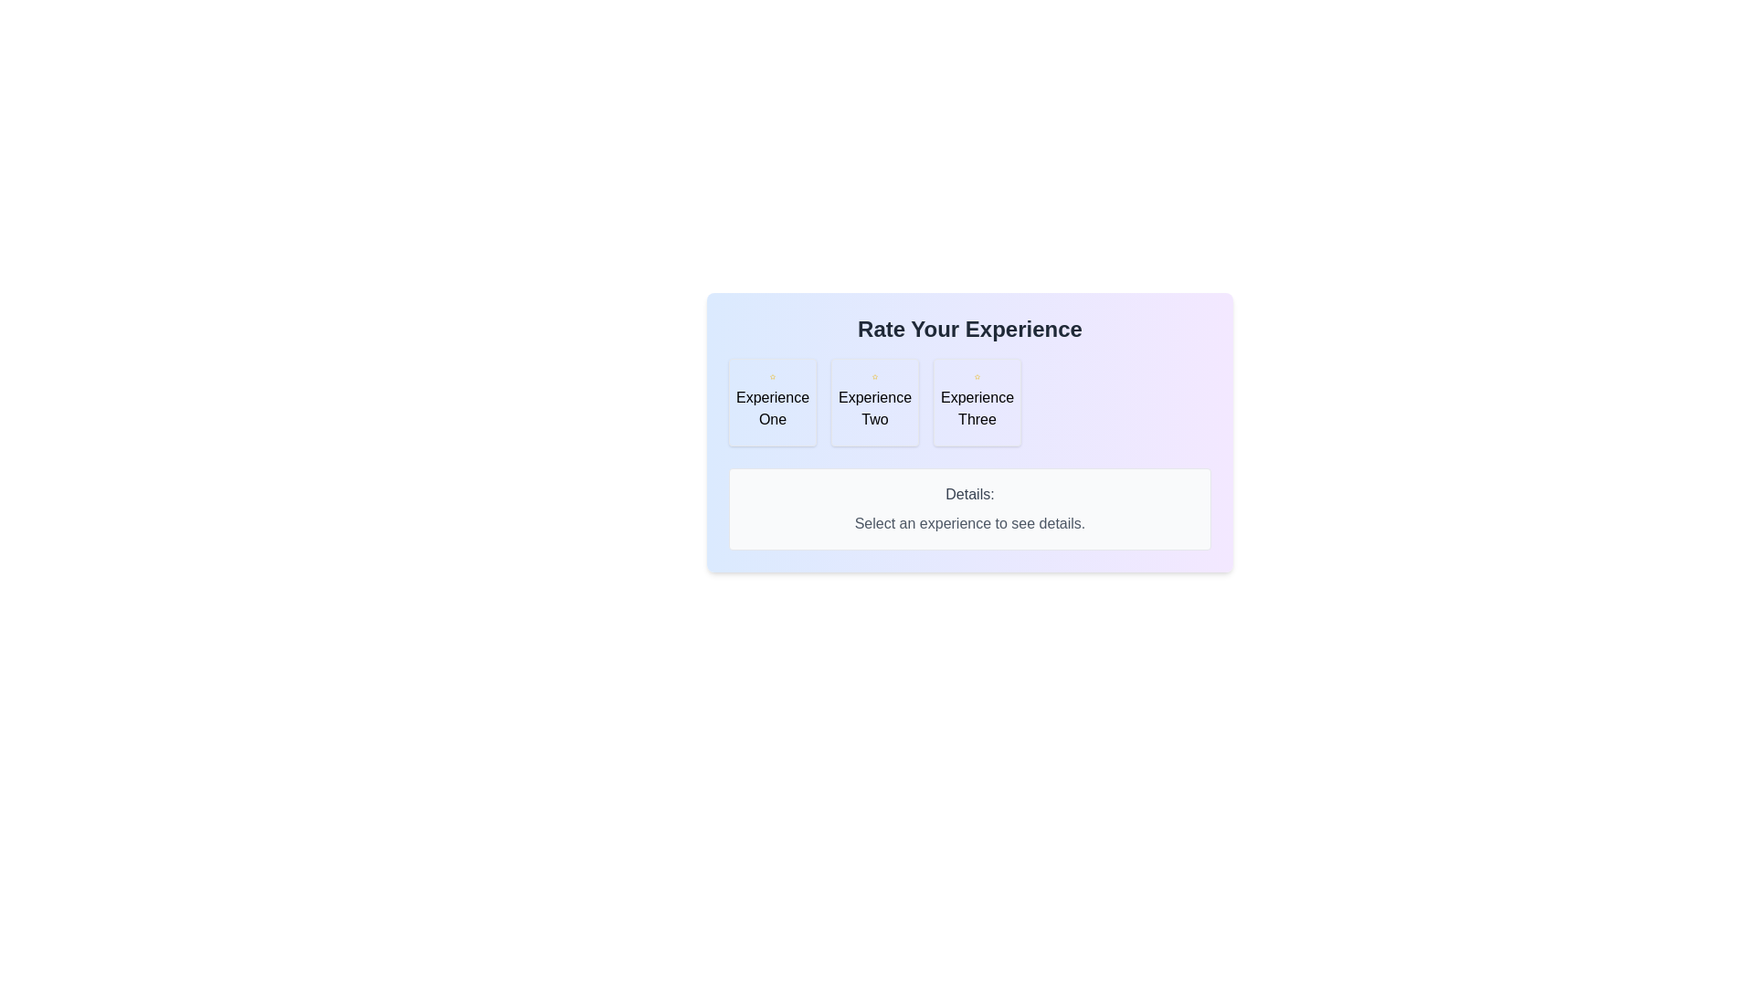 The height and width of the screenshot is (986, 1754). I want to click on the text label that says 'Rate Your Experience', which is prominently styled in bold and dark gray at the top center of the card, so click(968, 330).